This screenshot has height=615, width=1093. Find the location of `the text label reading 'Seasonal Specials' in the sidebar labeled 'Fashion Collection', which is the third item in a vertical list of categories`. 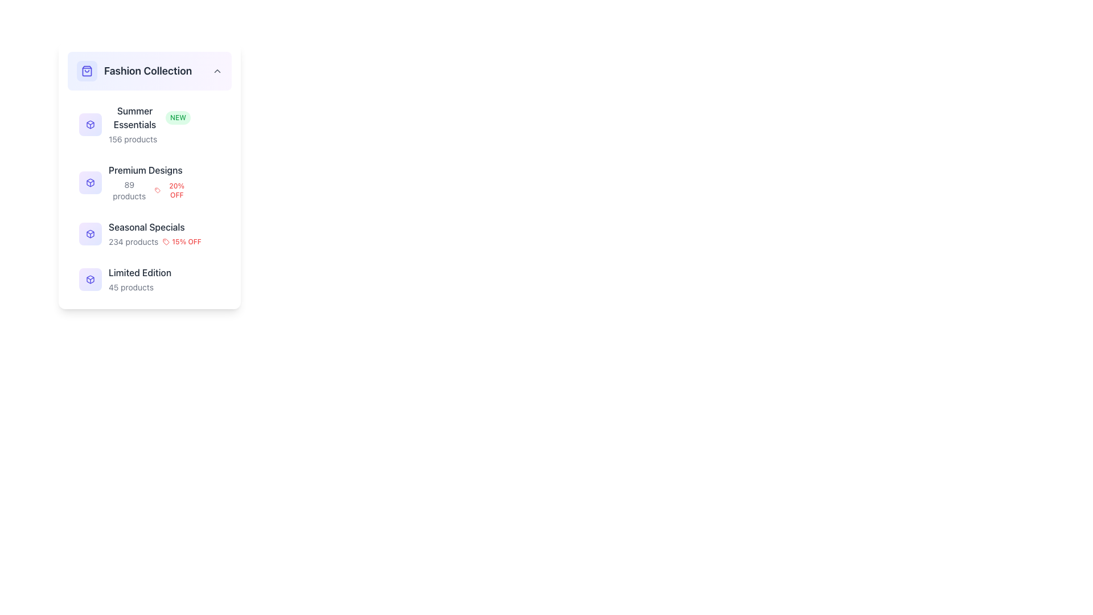

the text label reading 'Seasonal Specials' in the sidebar labeled 'Fashion Collection', which is the third item in a vertical list of categories is located at coordinates (158, 227).